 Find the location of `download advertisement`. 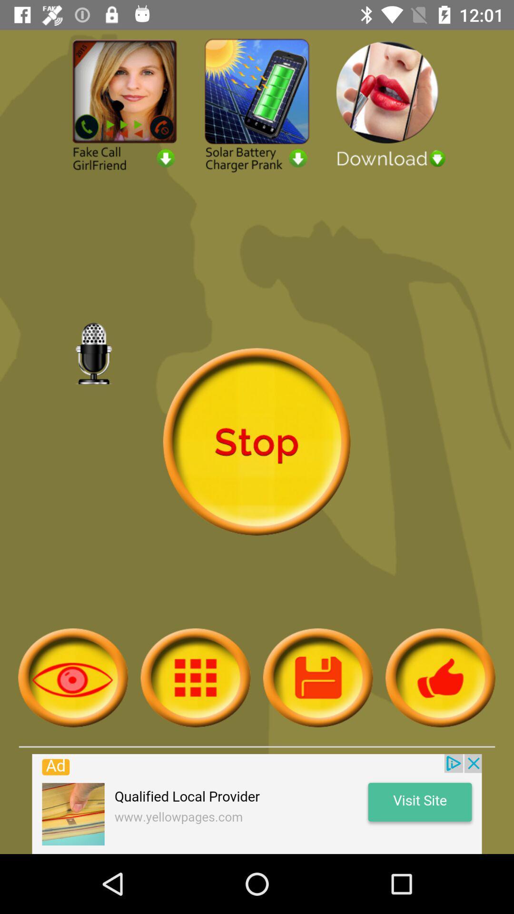

download advertisement is located at coordinates (389, 104).